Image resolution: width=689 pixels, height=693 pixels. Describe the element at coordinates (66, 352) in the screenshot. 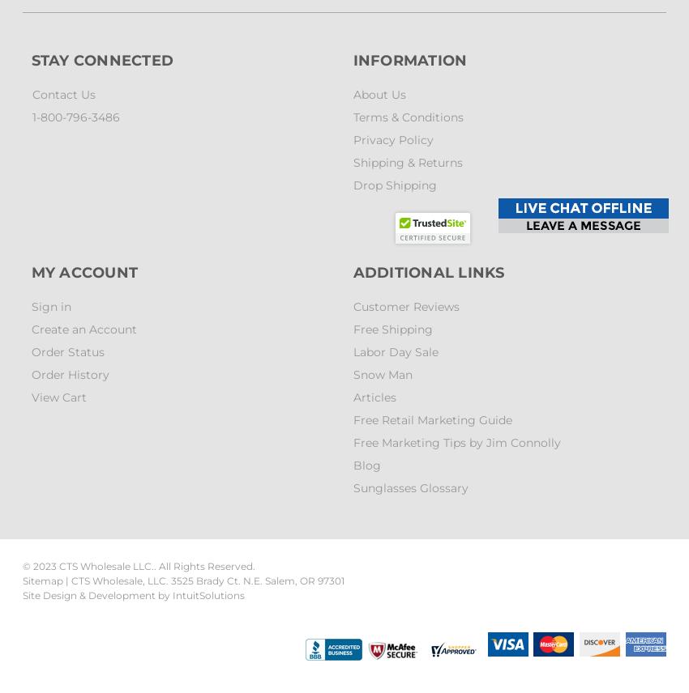

I see `'Order Status'` at that location.